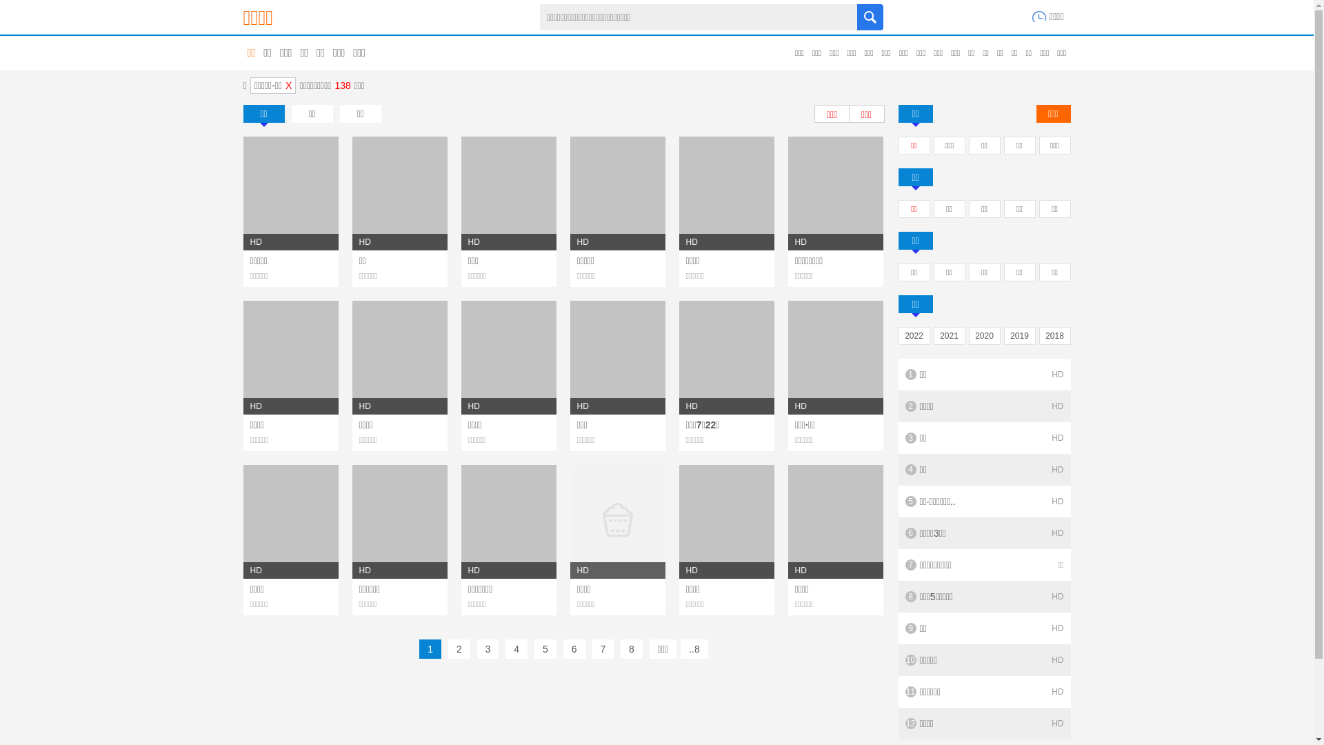 The width and height of the screenshot is (1324, 745). Describe the element at coordinates (459, 649) in the screenshot. I see `'2'` at that location.